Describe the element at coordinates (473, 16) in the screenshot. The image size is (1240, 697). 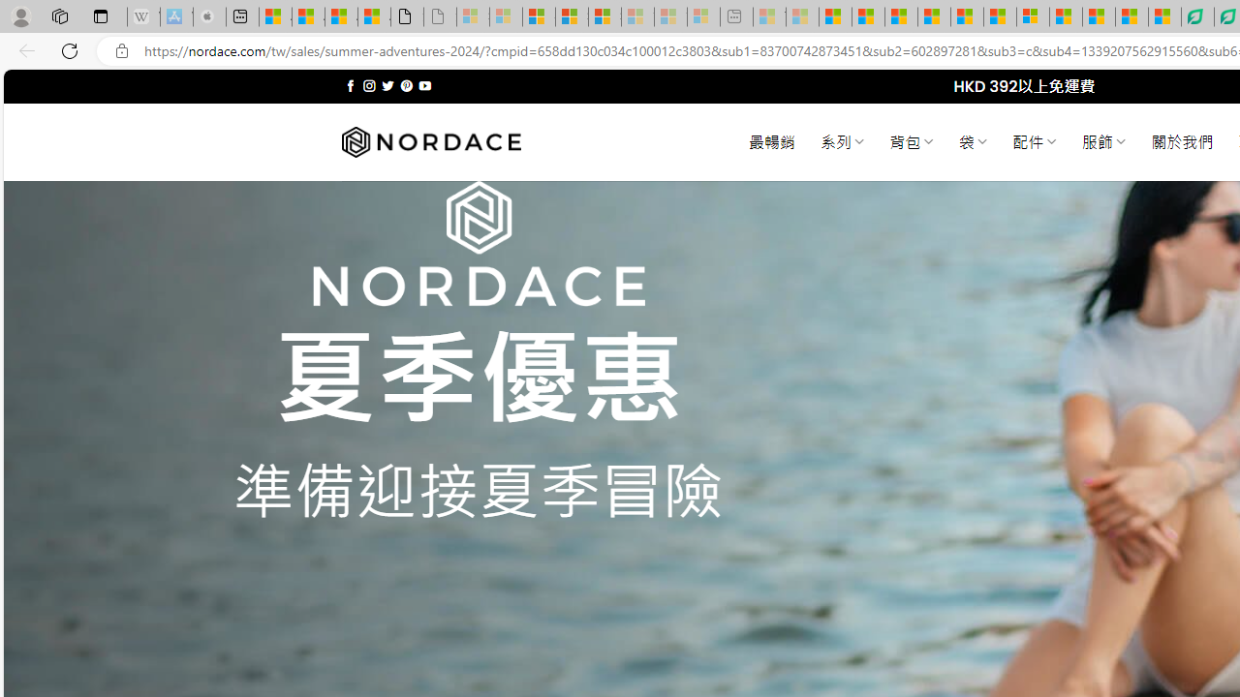
I see `'Sign in to your Microsoft account - Sleeping'` at that location.